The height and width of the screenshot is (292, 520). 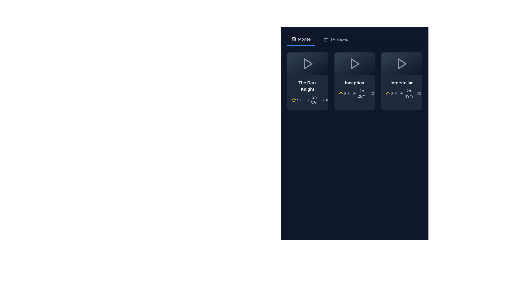 I want to click on the star-shaped icon with a yellow border that serves as a rating indicator for the movie 'Inception', located next to the numeric rating '8.8', so click(x=340, y=93).